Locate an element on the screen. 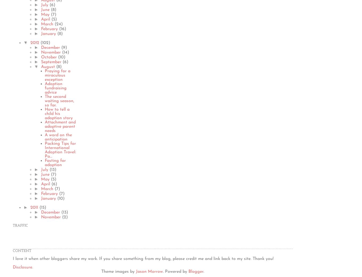  'Disclosure.' is located at coordinates (12, 267).